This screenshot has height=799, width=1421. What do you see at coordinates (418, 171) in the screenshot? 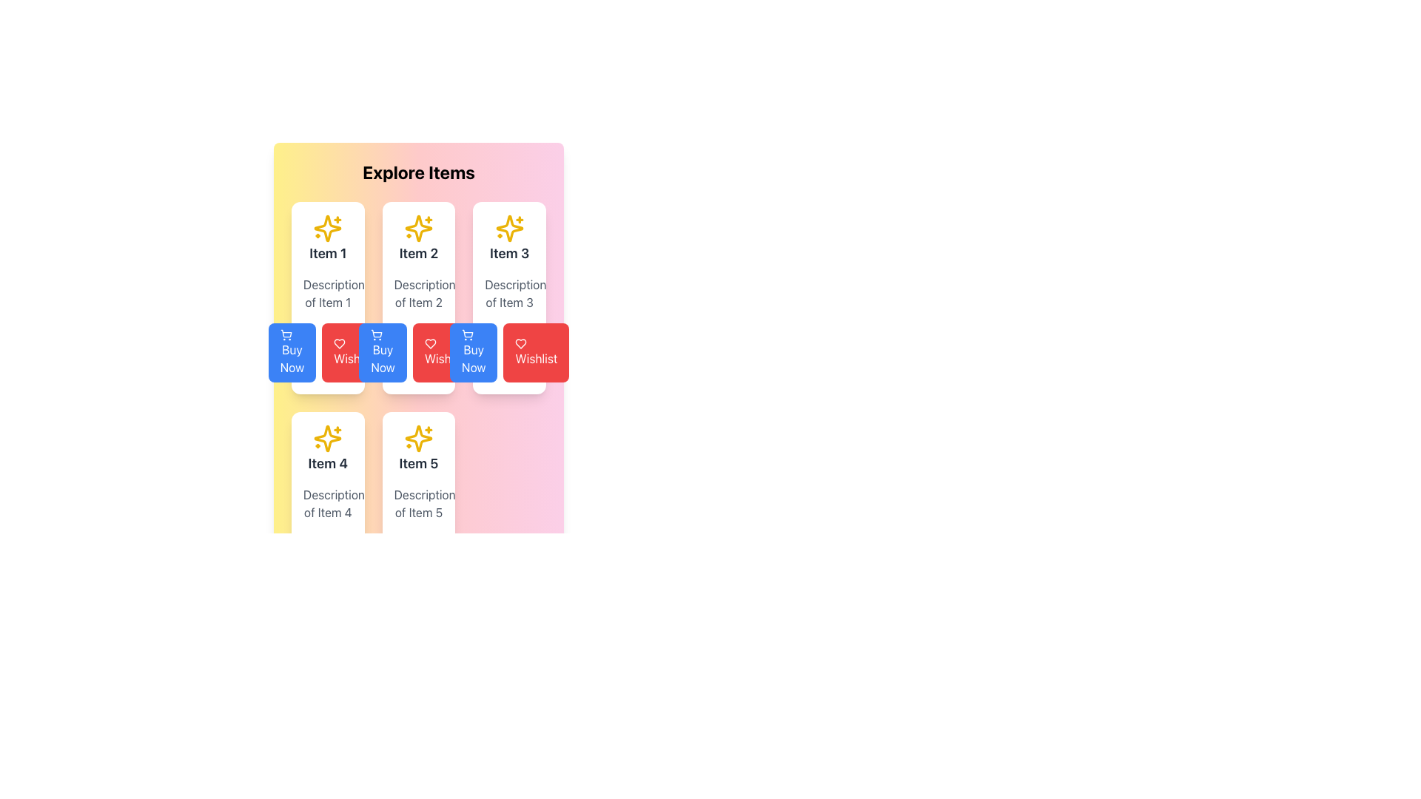
I see `the bold and large text label reading 'Explore Items' located at the top of the section with a colorful yellow to pink background` at bounding box center [418, 171].